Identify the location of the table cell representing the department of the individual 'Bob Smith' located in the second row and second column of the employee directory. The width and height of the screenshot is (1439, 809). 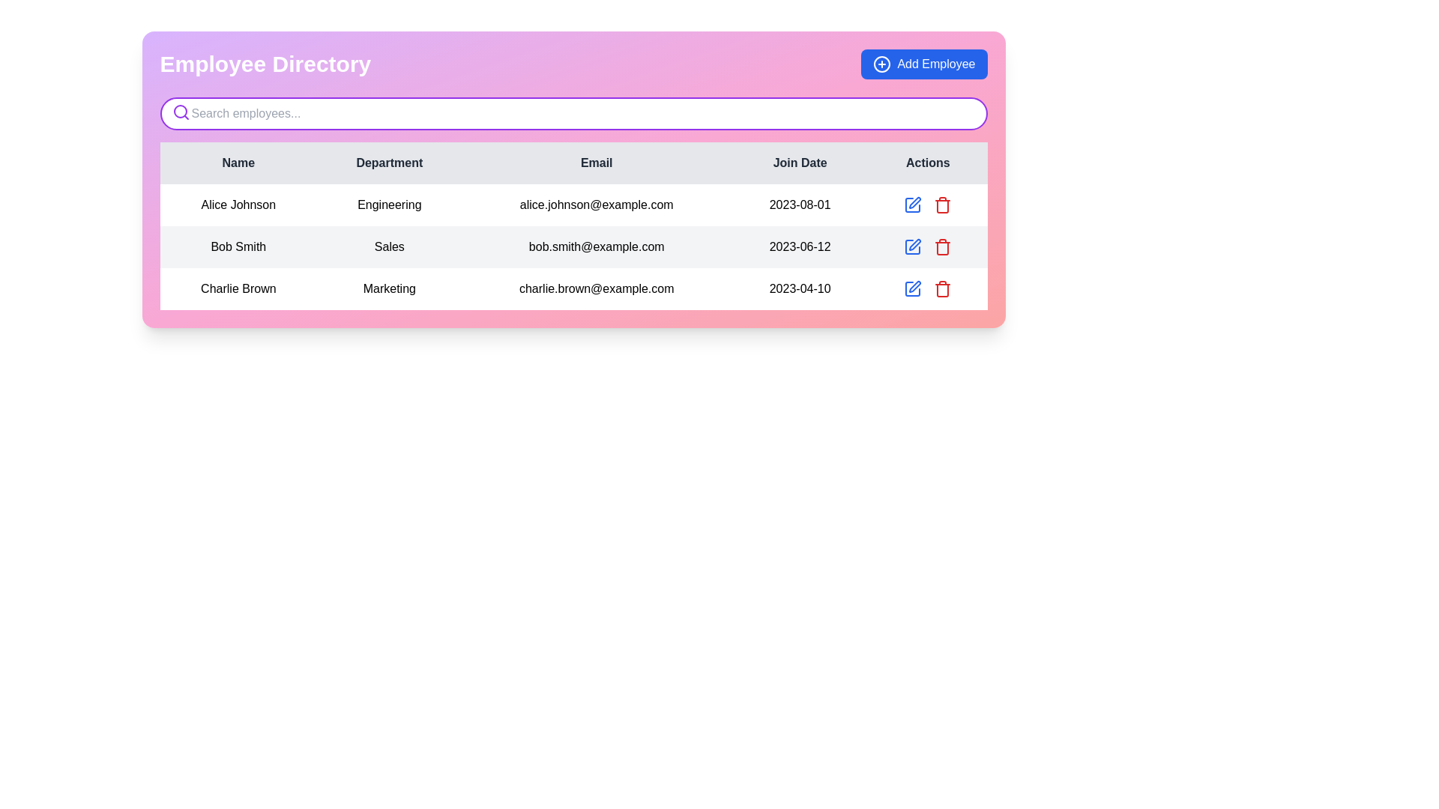
(389, 246).